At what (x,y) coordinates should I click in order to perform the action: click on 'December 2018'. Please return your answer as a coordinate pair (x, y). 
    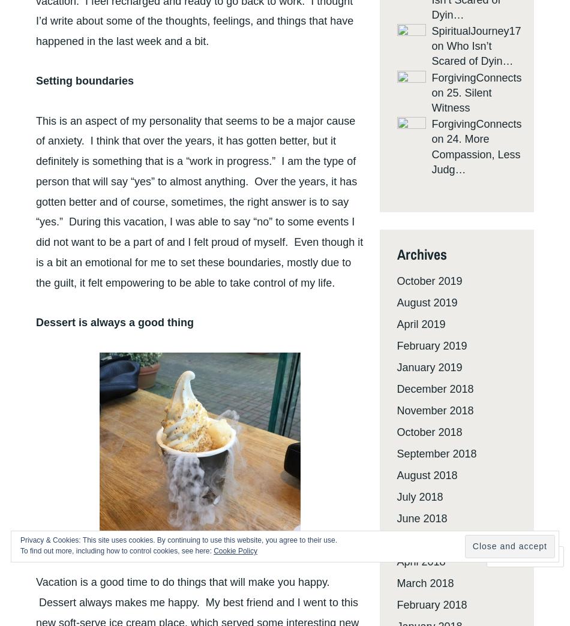
    Looking at the image, I should click on (434, 389).